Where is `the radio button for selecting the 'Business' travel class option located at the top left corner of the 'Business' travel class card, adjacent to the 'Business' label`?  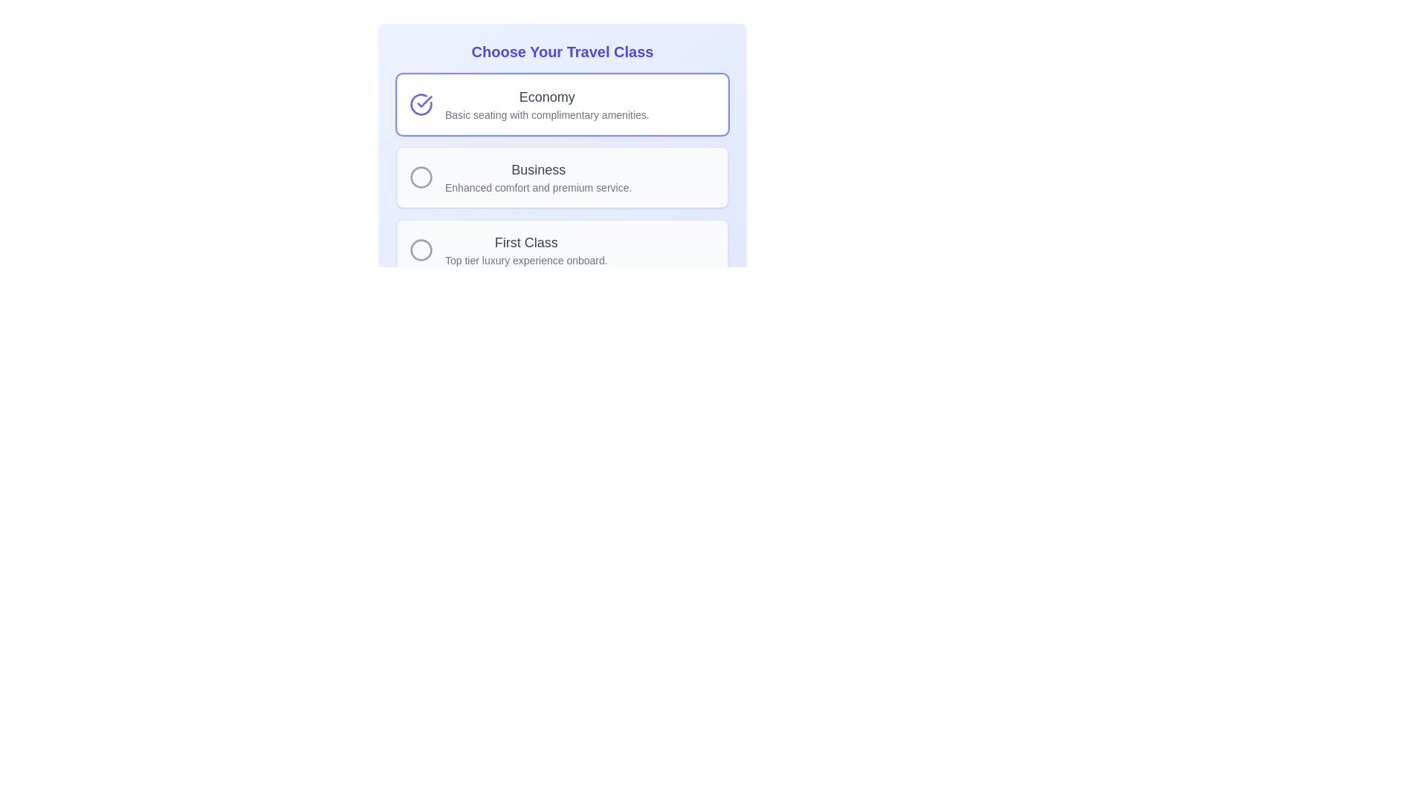 the radio button for selecting the 'Business' travel class option located at the top left corner of the 'Business' travel class card, adjacent to the 'Business' label is located at coordinates (427, 177).